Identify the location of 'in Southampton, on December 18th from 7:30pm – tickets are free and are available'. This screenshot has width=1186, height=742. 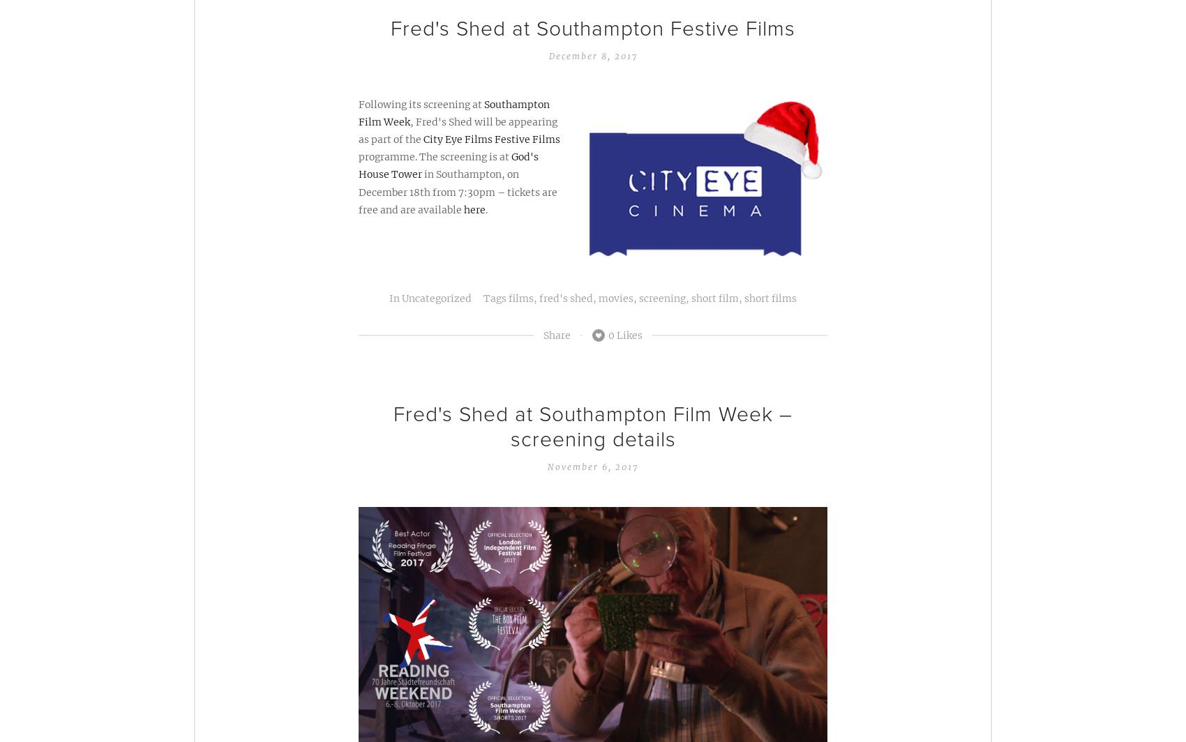
(458, 192).